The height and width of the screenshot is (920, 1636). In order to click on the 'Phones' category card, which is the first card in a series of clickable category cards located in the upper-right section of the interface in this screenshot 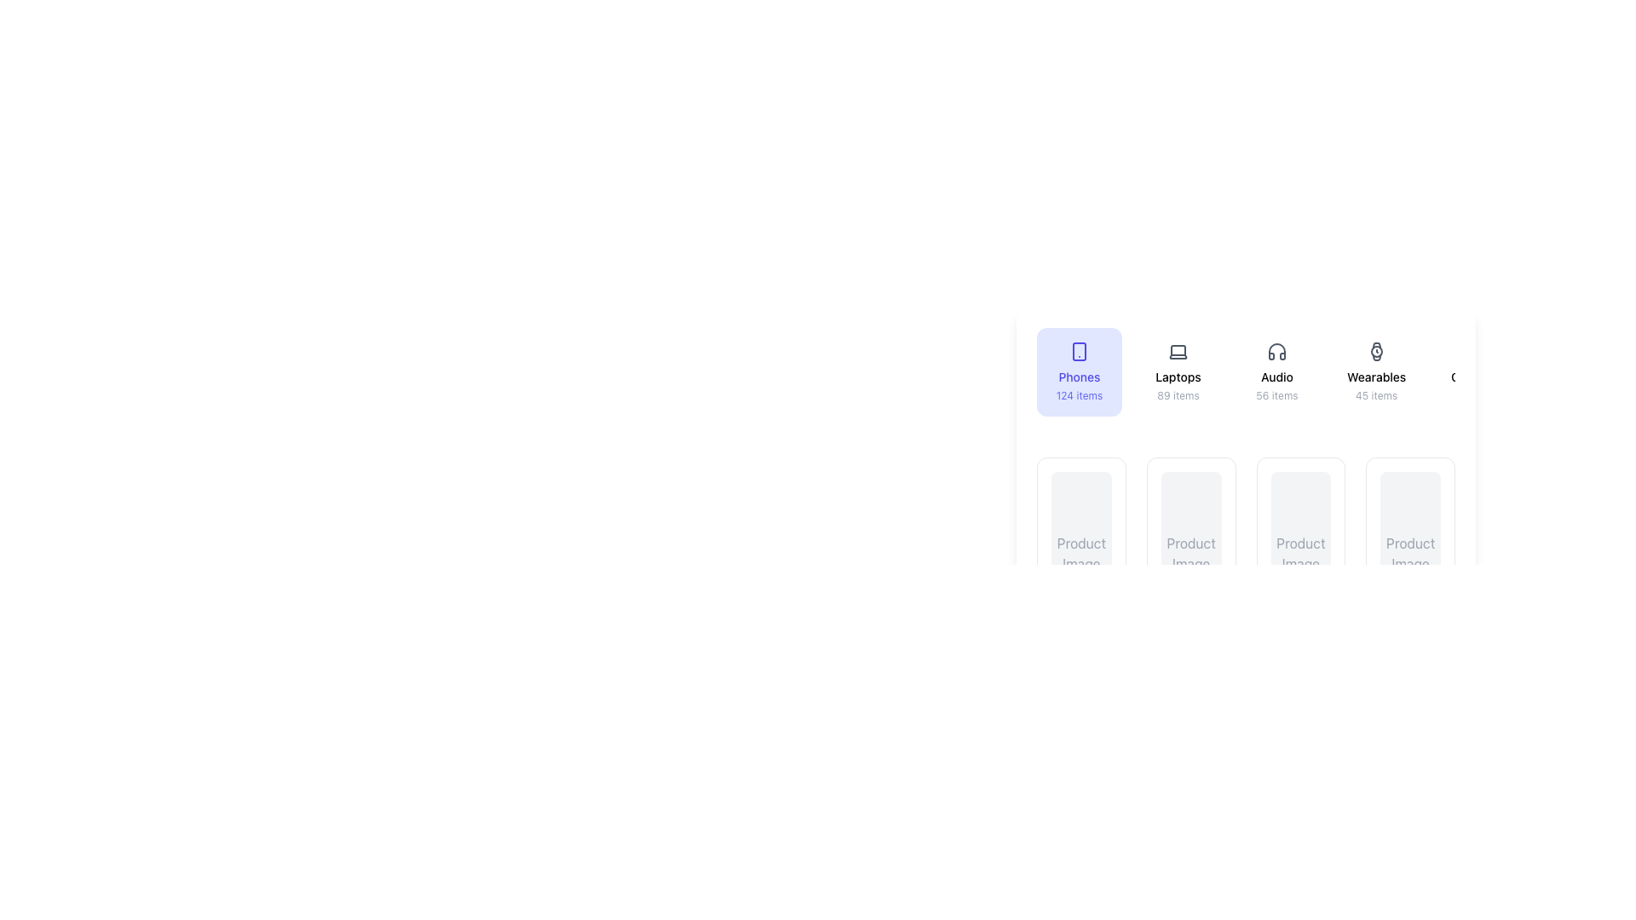, I will do `click(1079, 371)`.